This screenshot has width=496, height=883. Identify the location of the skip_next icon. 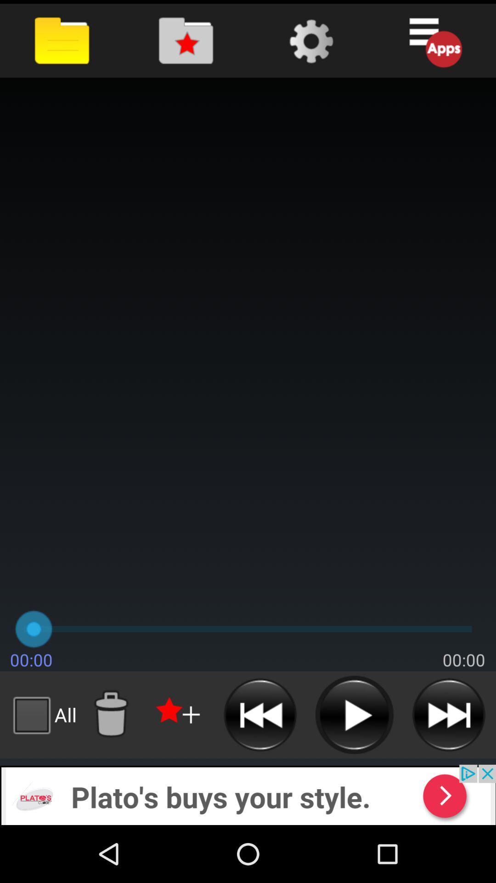
(448, 765).